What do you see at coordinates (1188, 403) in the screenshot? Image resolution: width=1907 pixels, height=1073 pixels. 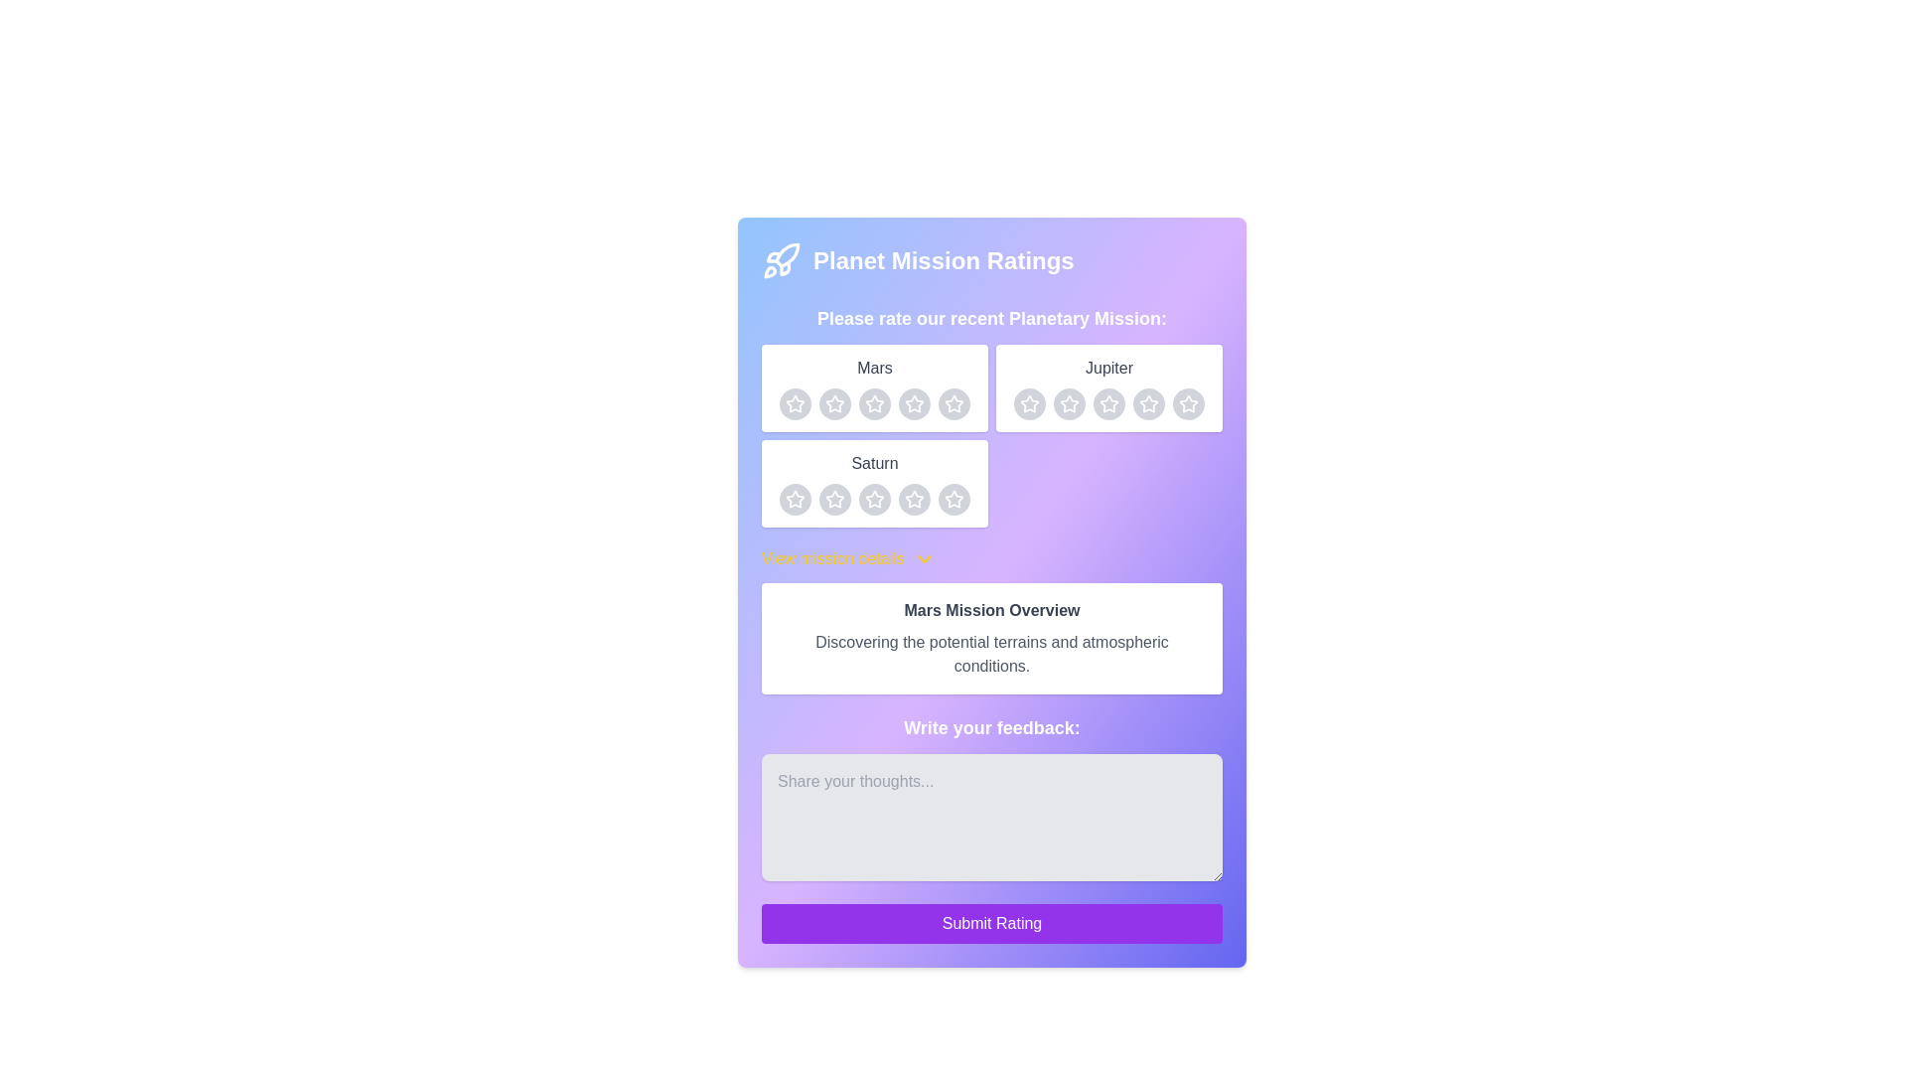 I see `the circular button containing a white star icon in the fifth position of the star rating system under the Jupiter section for accessibility` at bounding box center [1188, 403].